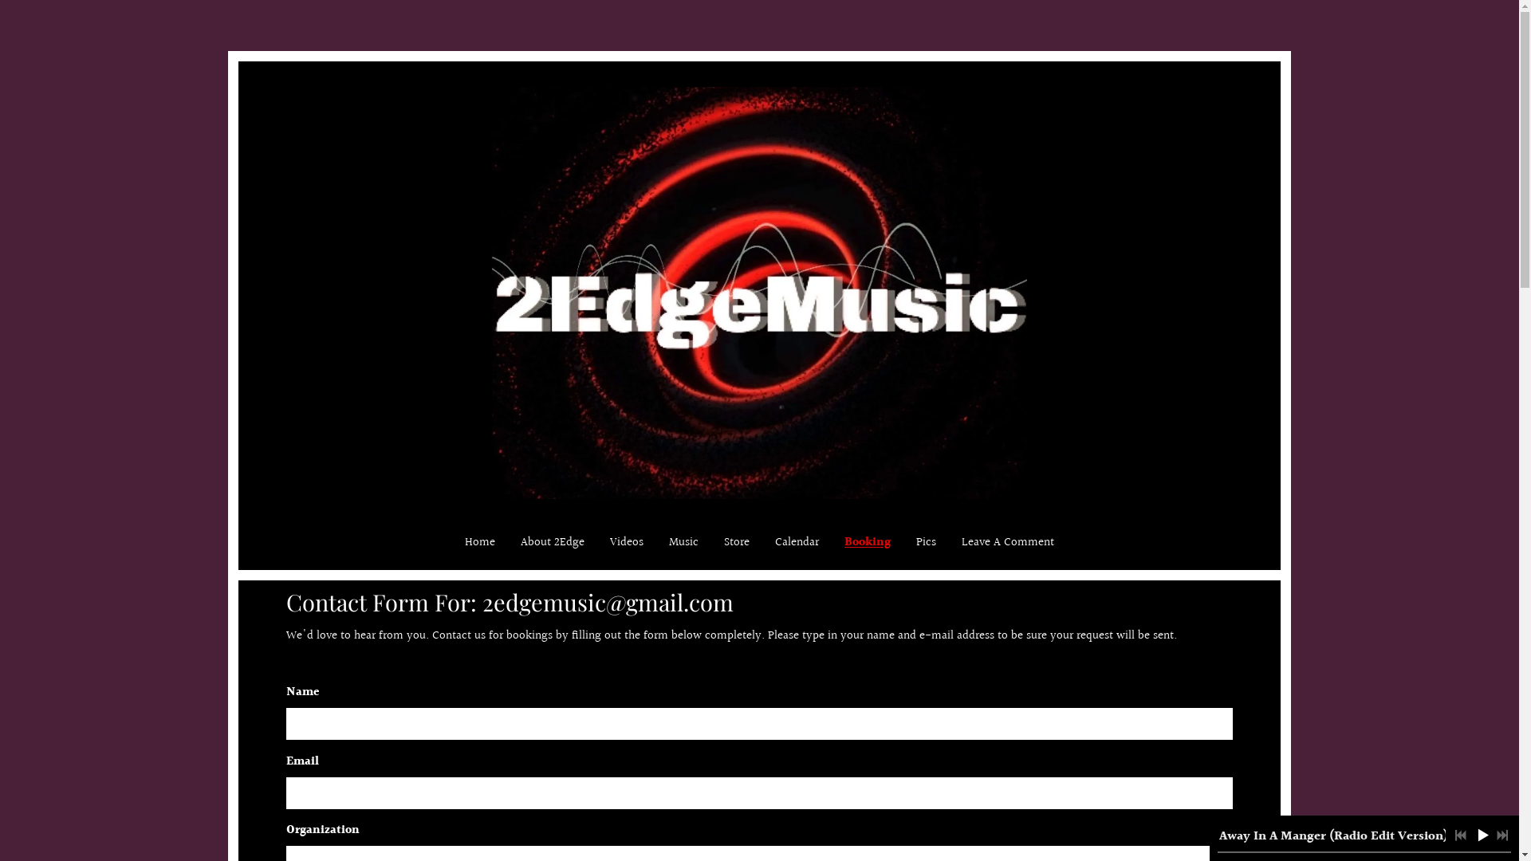 This screenshot has width=1531, height=861. I want to click on 'Store', so click(735, 542).